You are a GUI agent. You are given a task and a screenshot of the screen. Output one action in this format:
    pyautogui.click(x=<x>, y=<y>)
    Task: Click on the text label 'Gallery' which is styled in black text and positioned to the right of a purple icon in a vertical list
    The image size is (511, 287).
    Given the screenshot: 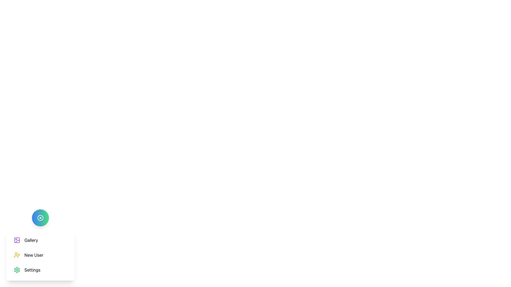 What is the action you would take?
    pyautogui.click(x=31, y=240)
    